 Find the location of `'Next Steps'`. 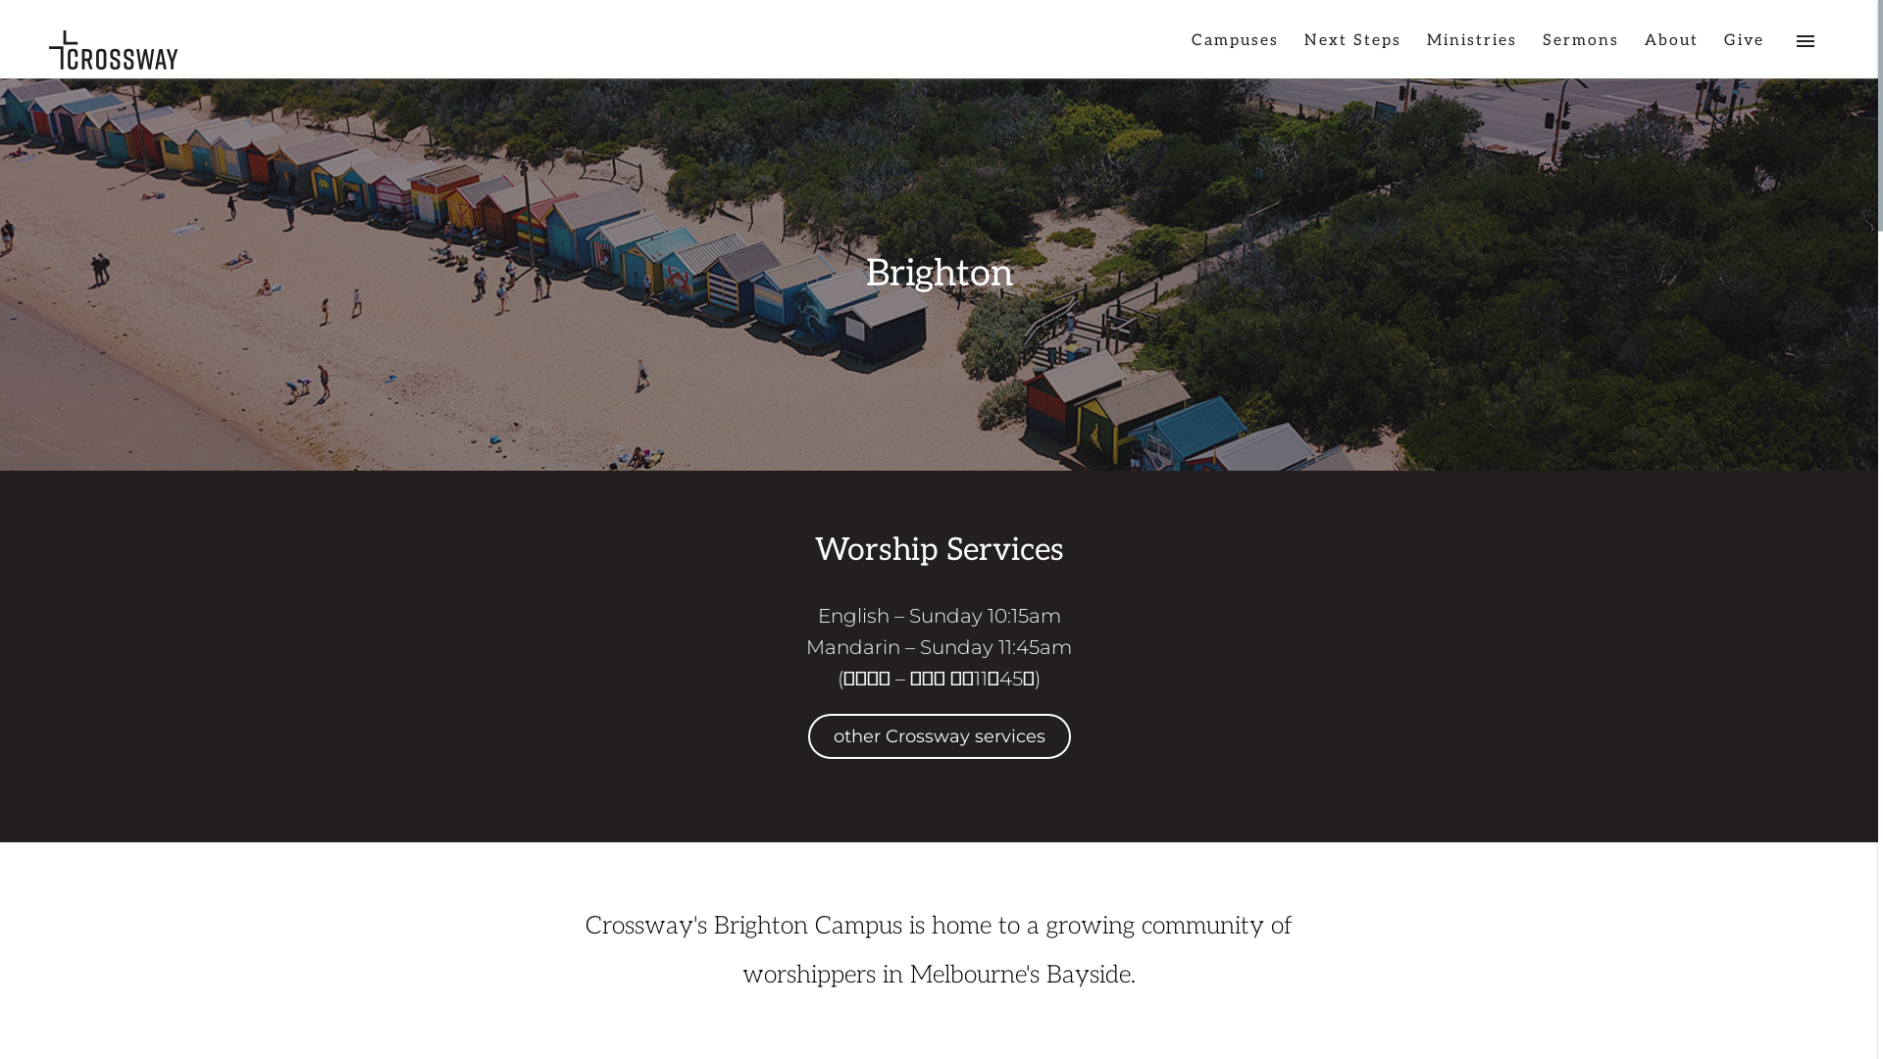

'Next Steps' is located at coordinates (1351, 48).